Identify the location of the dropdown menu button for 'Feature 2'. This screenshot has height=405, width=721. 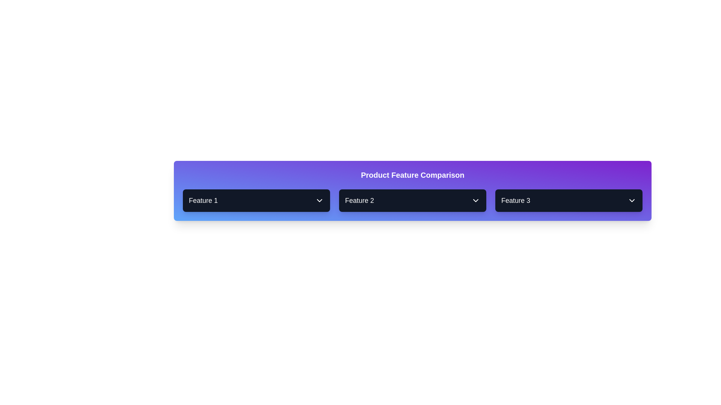
(412, 200).